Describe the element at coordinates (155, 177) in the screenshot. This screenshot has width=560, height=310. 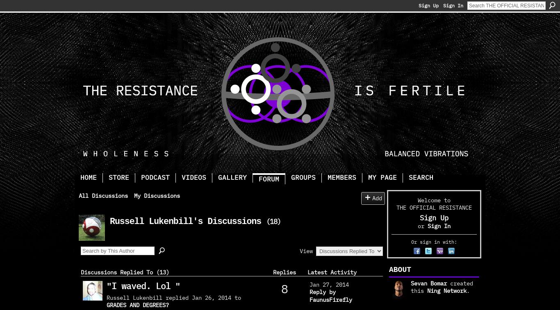
I see `'Podcast'` at that location.